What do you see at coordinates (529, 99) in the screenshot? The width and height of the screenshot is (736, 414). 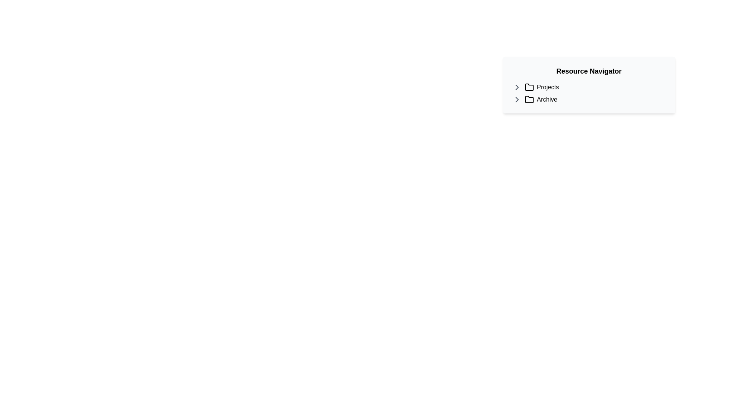 I see `the folder icon located in the 'Archive' section of the 'Resource Navigator'` at bounding box center [529, 99].